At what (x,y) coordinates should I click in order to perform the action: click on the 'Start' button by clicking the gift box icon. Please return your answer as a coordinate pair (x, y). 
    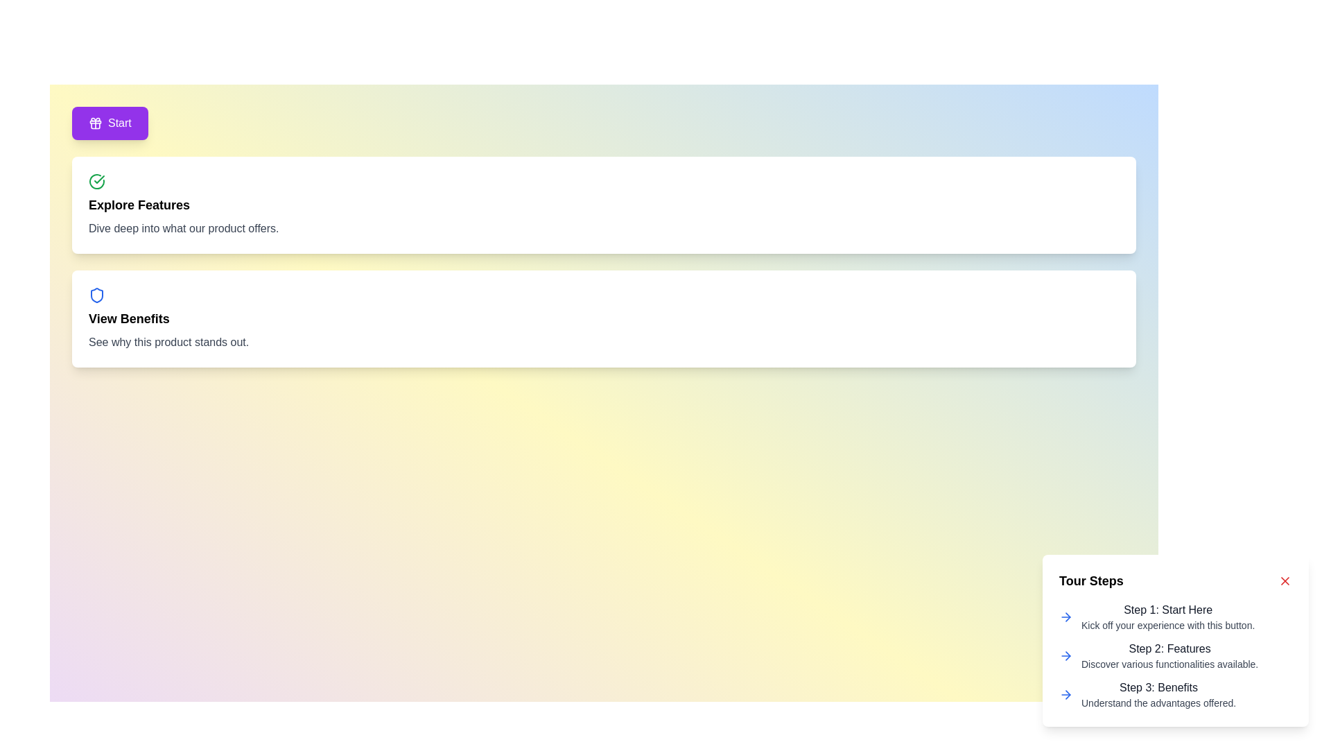
    Looking at the image, I should click on (95, 122).